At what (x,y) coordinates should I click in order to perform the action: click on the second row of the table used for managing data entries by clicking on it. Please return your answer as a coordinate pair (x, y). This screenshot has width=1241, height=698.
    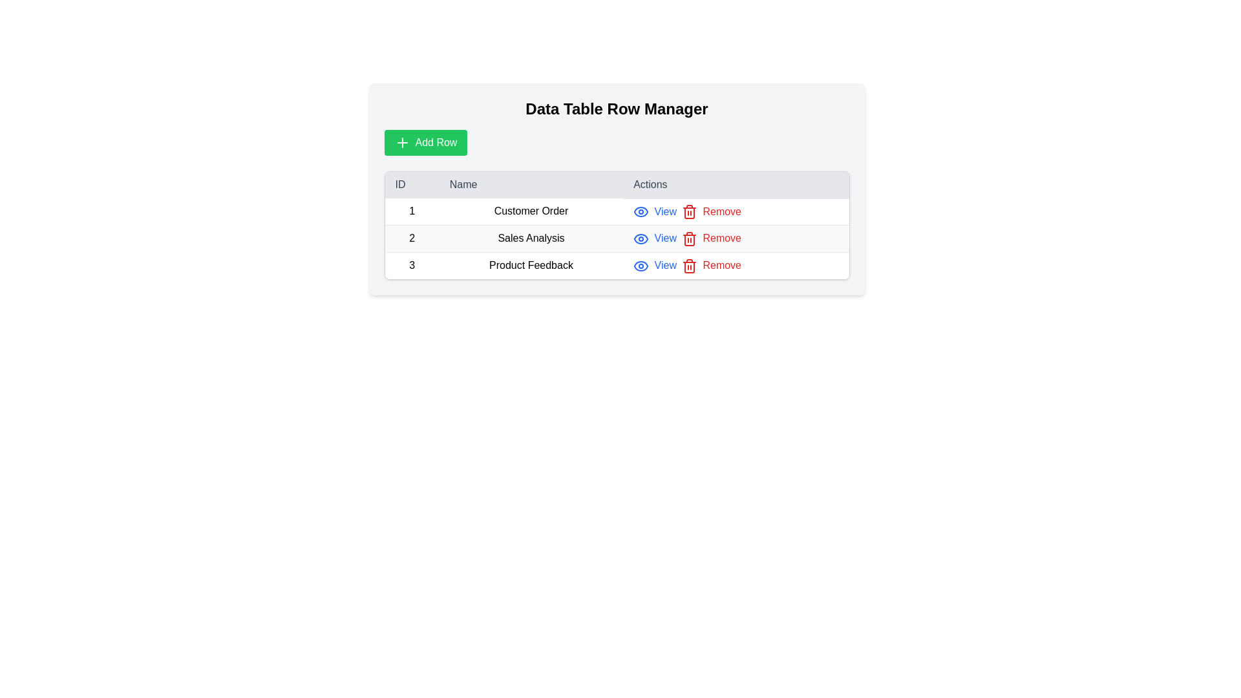
    Looking at the image, I should click on (616, 238).